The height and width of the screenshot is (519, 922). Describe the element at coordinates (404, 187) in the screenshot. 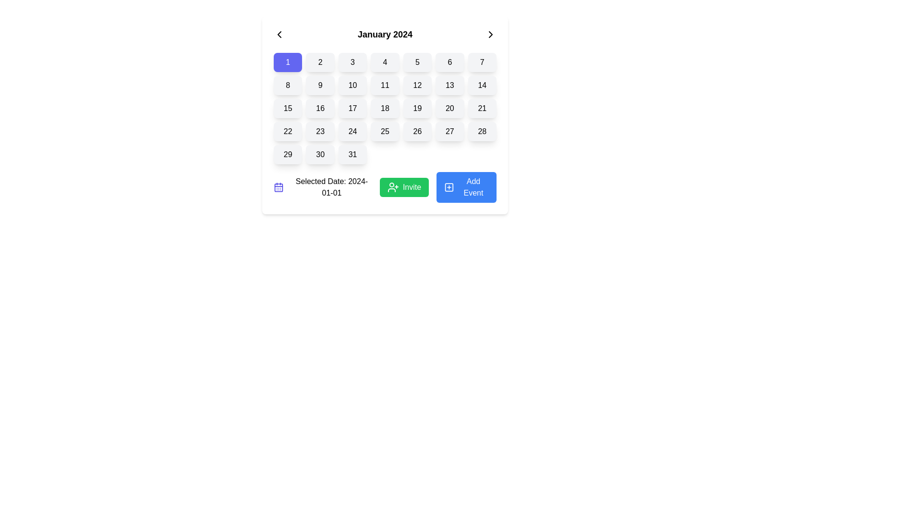

I see `the interactive button for sending invitations located beneath the calendar grid, which is the second button in a horizontal group of three, to initiate the invite function` at that location.